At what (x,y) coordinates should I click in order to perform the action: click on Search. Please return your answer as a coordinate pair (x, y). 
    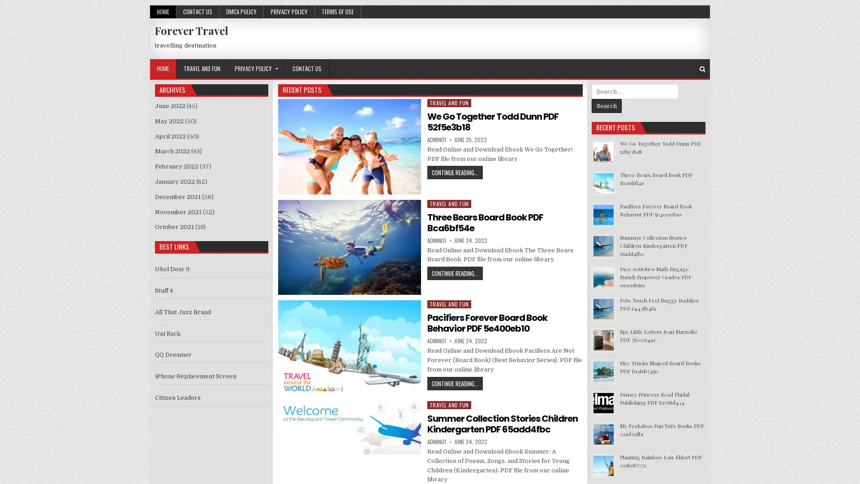
    Looking at the image, I should click on (606, 105).